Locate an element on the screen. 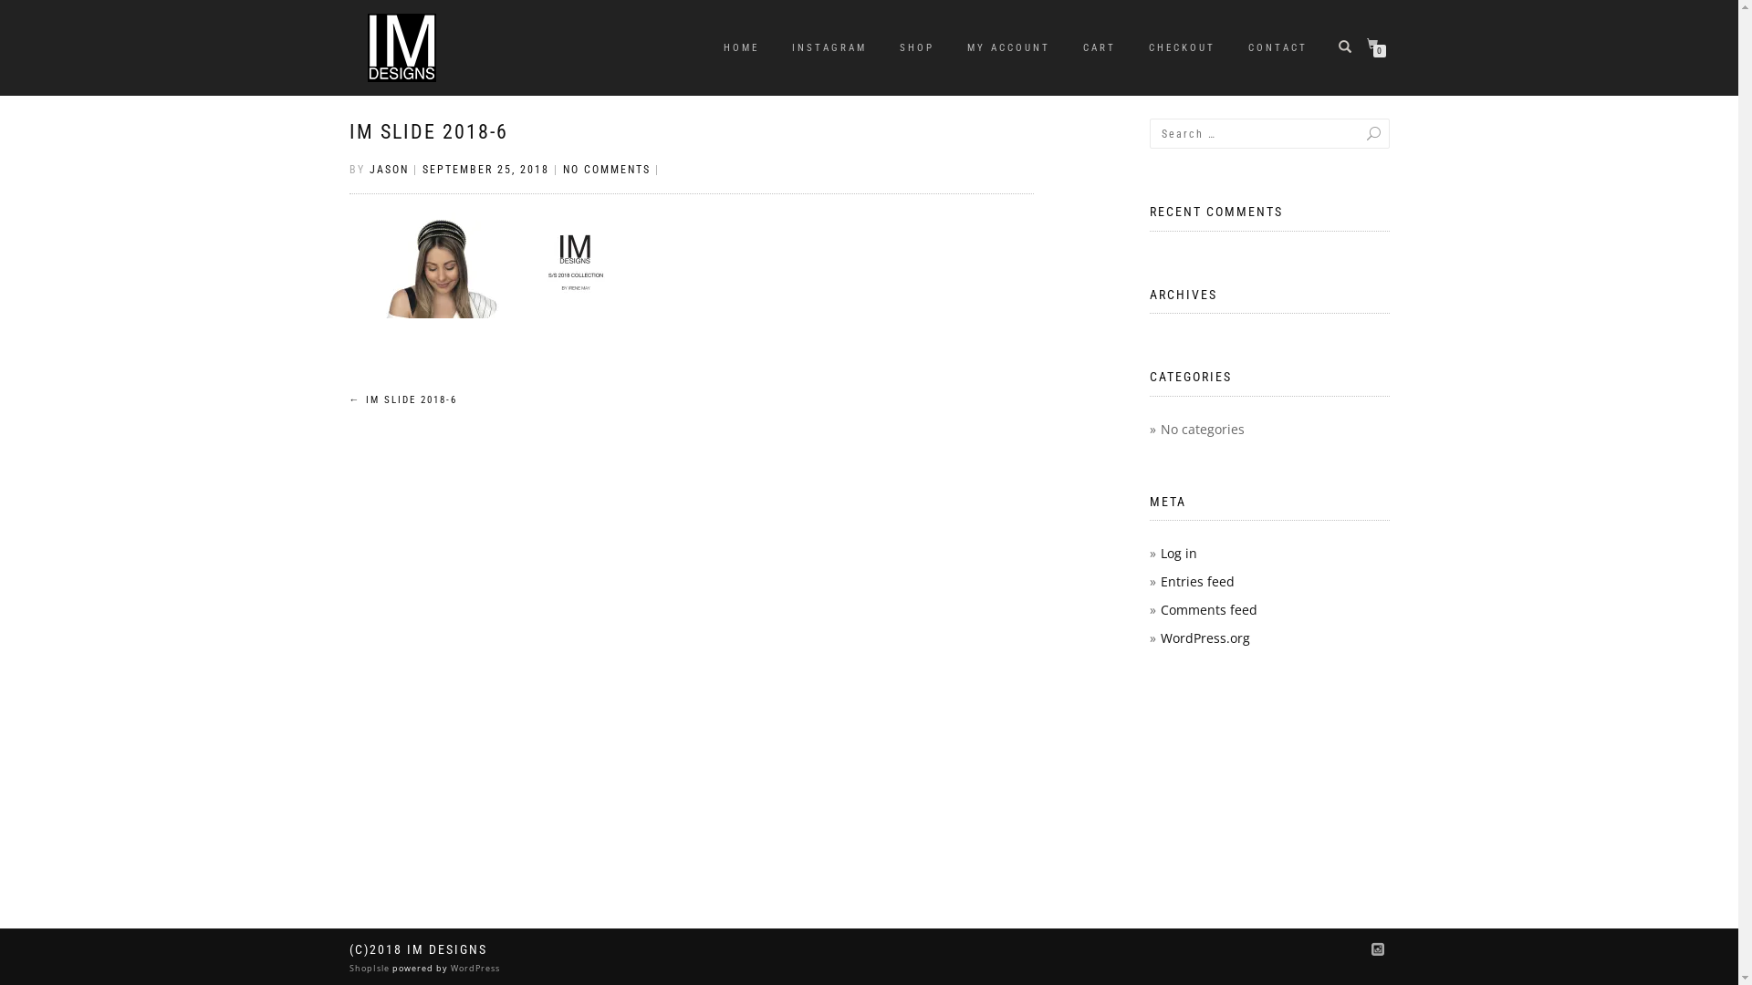 This screenshot has height=985, width=1752. 'Log in' is located at coordinates (1178, 552).